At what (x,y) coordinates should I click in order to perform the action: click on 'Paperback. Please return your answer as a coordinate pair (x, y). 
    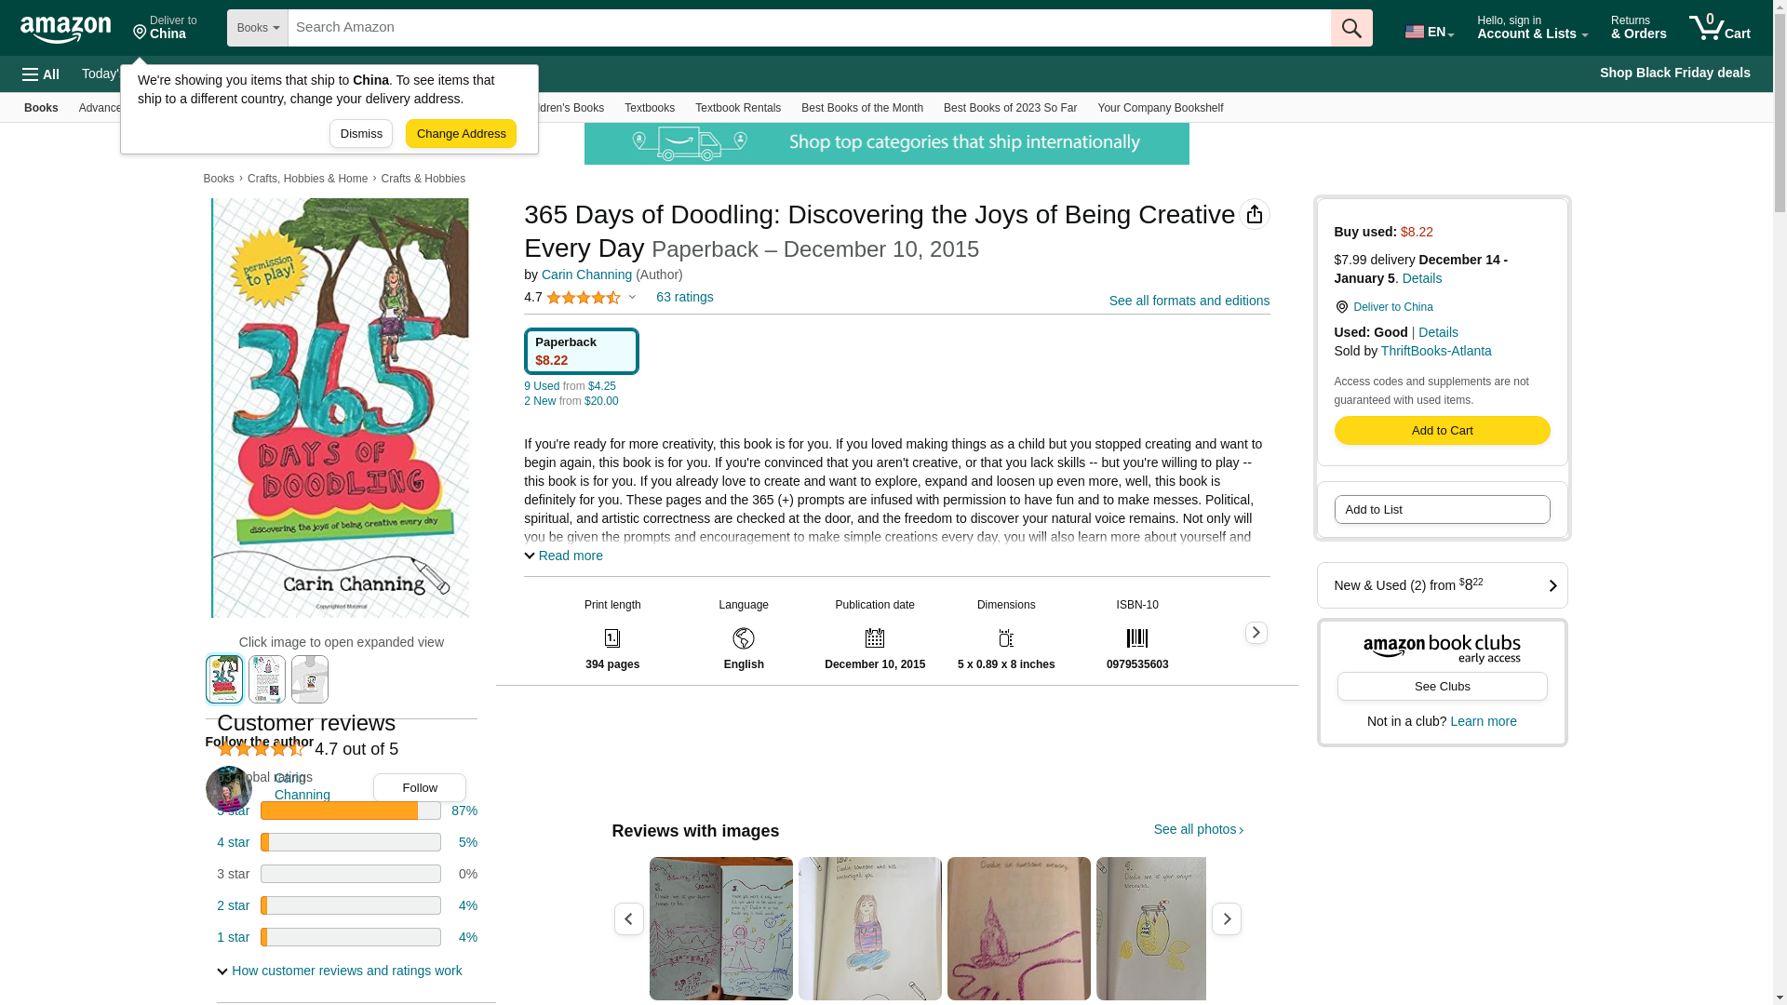
    Looking at the image, I should click on (580, 351).